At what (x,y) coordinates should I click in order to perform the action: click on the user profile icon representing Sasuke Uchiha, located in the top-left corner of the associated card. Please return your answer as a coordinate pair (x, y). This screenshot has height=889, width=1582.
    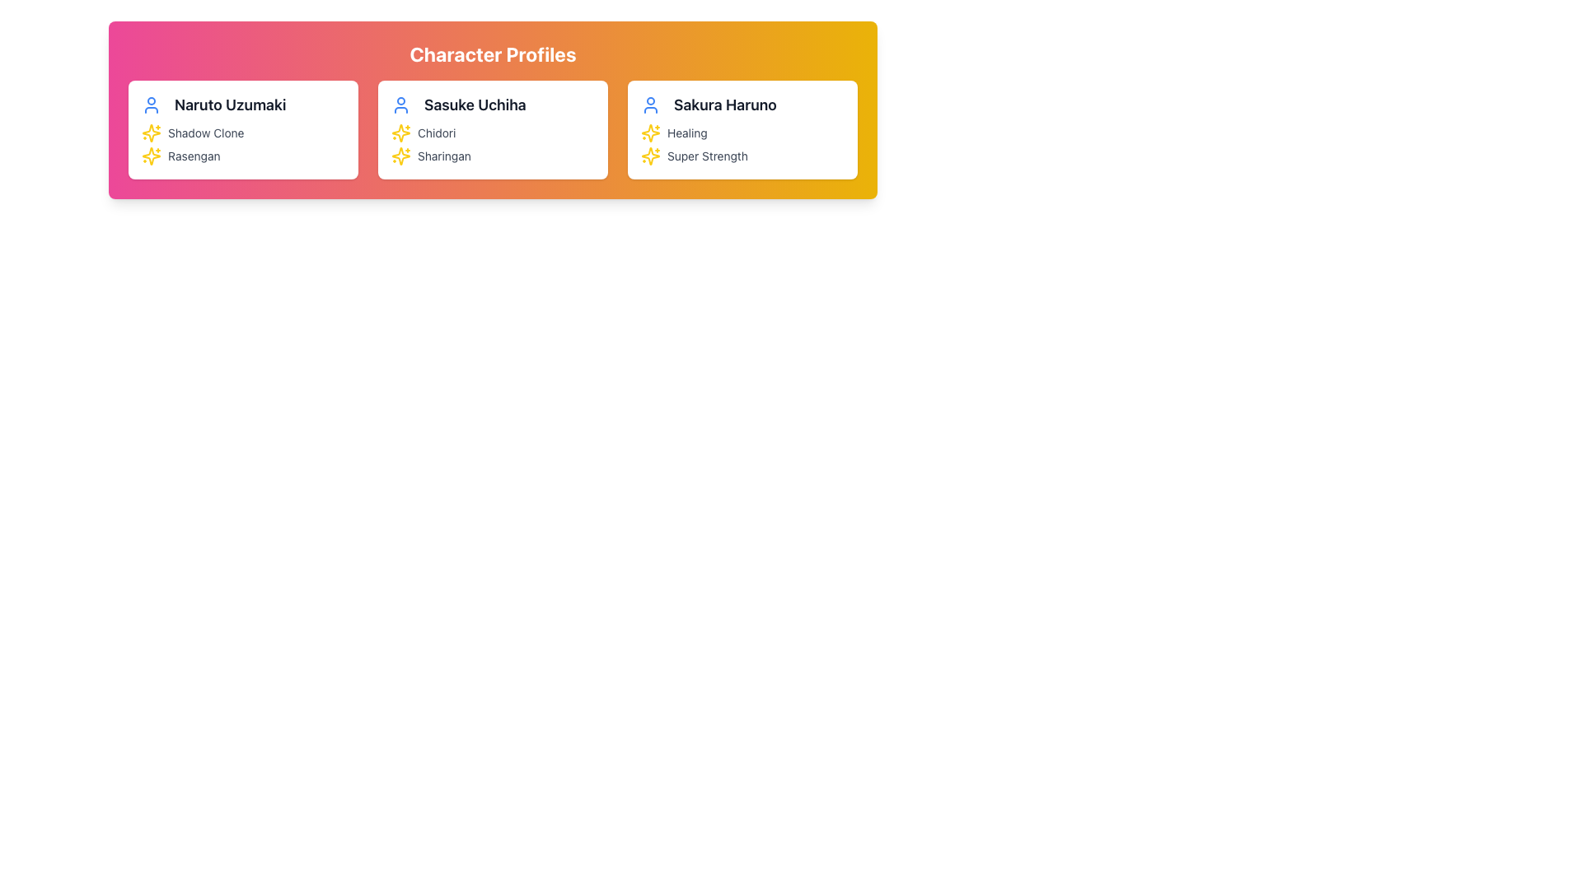
    Looking at the image, I should click on (400, 105).